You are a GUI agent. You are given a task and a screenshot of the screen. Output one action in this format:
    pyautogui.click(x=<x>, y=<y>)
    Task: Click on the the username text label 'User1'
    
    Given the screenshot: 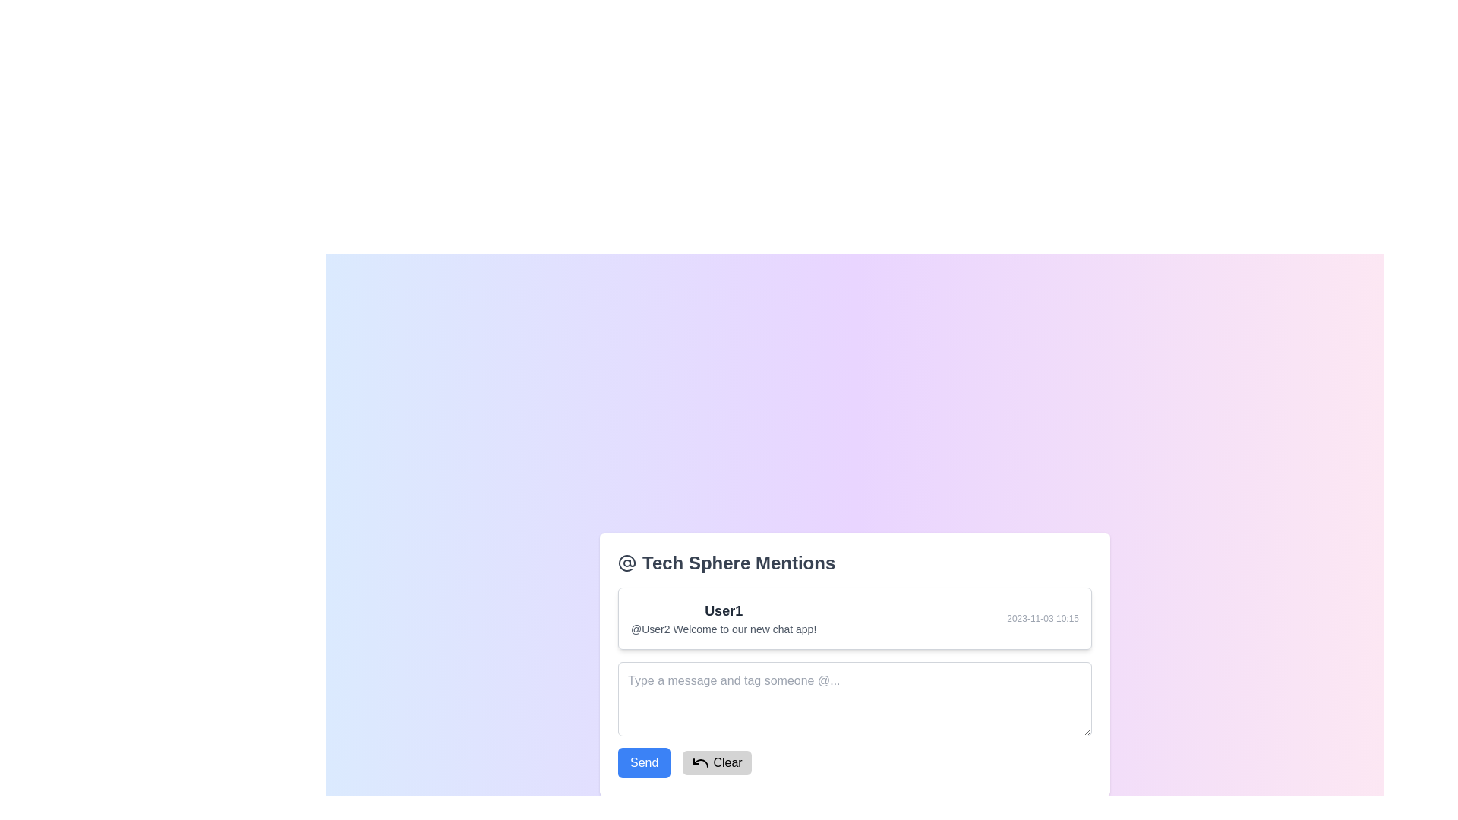 What is the action you would take?
    pyautogui.click(x=723, y=609)
    